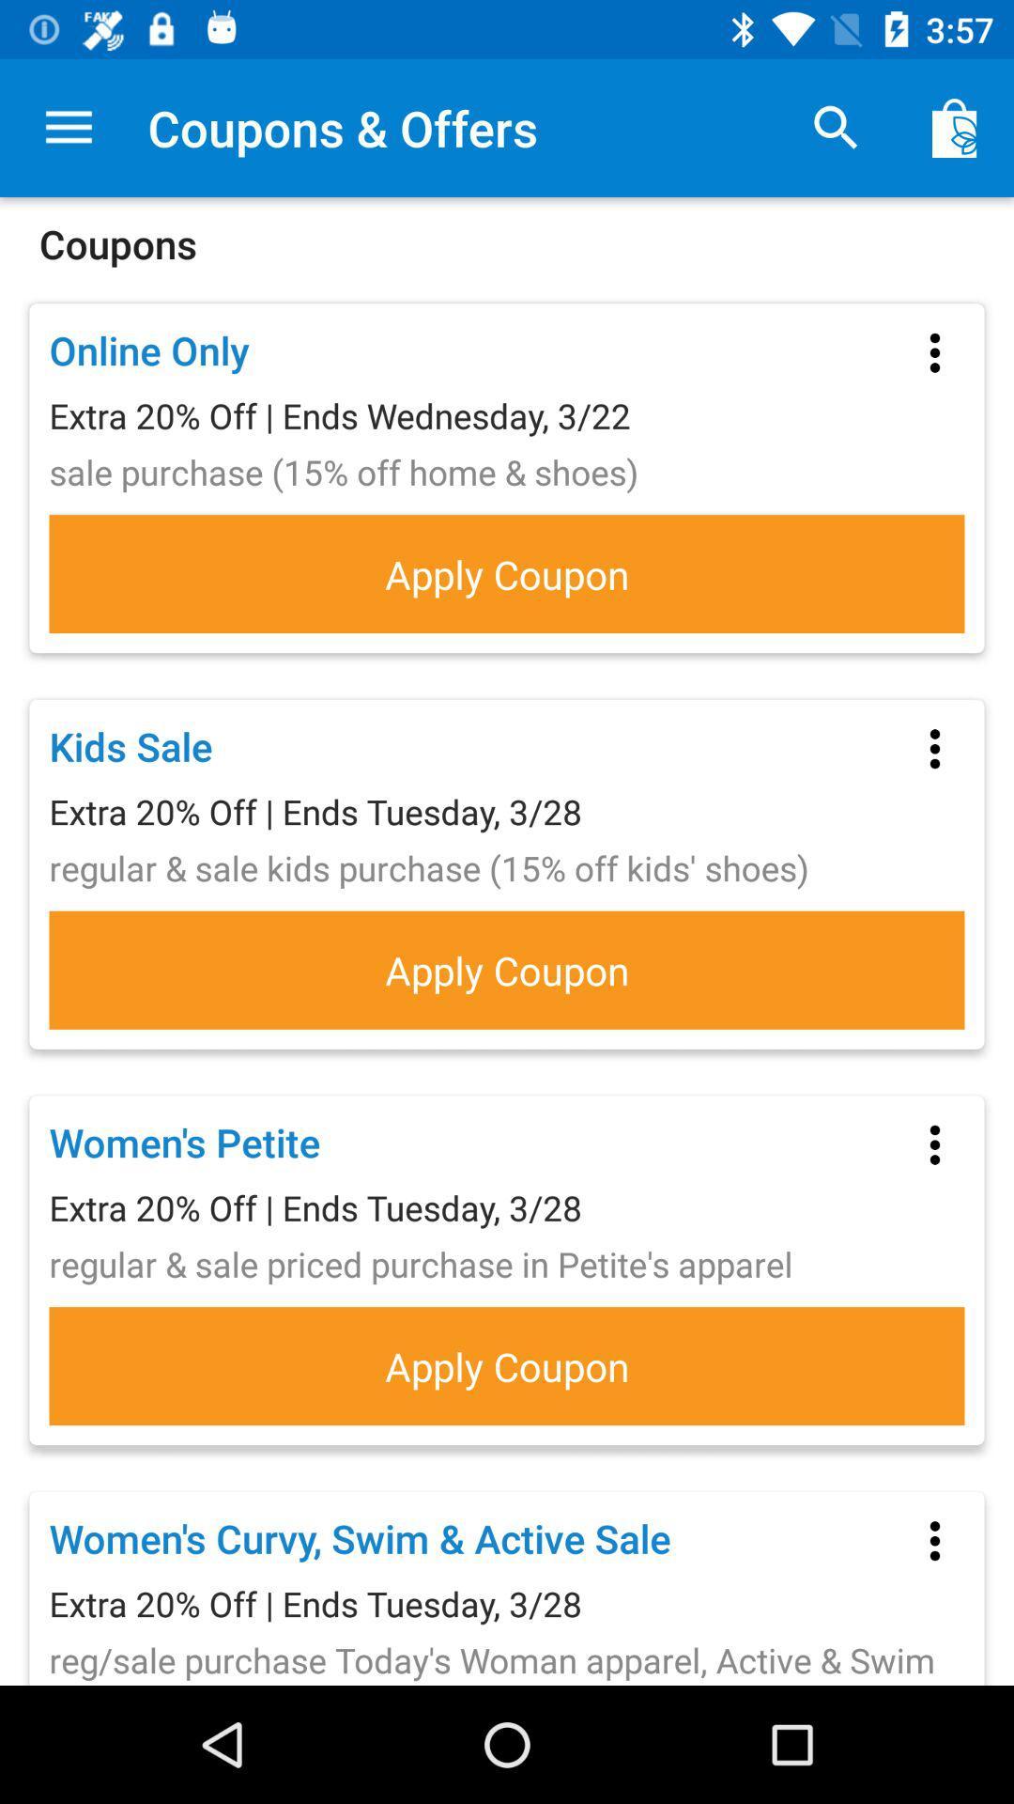 The width and height of the screenshot is (1014, 1804). I want to click on the icon to the right of the coupons & offers icon, so click(836, 127).